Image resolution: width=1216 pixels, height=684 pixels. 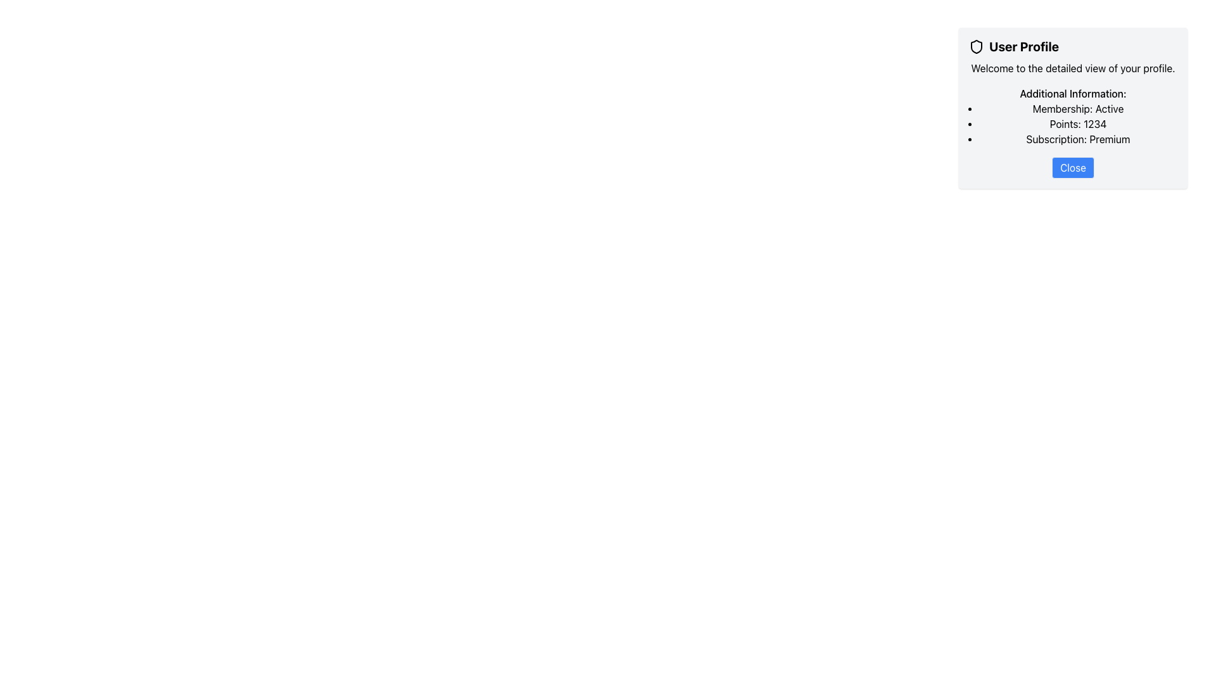 What do you see at coordinates (1024, 46) in the screenshot?
I see `the 'User Profile' text label, which is prominently displayed in bold and extra-large font at the top left of a card interface, positioned below a small shield icon` at bounding box center [1024, 46].